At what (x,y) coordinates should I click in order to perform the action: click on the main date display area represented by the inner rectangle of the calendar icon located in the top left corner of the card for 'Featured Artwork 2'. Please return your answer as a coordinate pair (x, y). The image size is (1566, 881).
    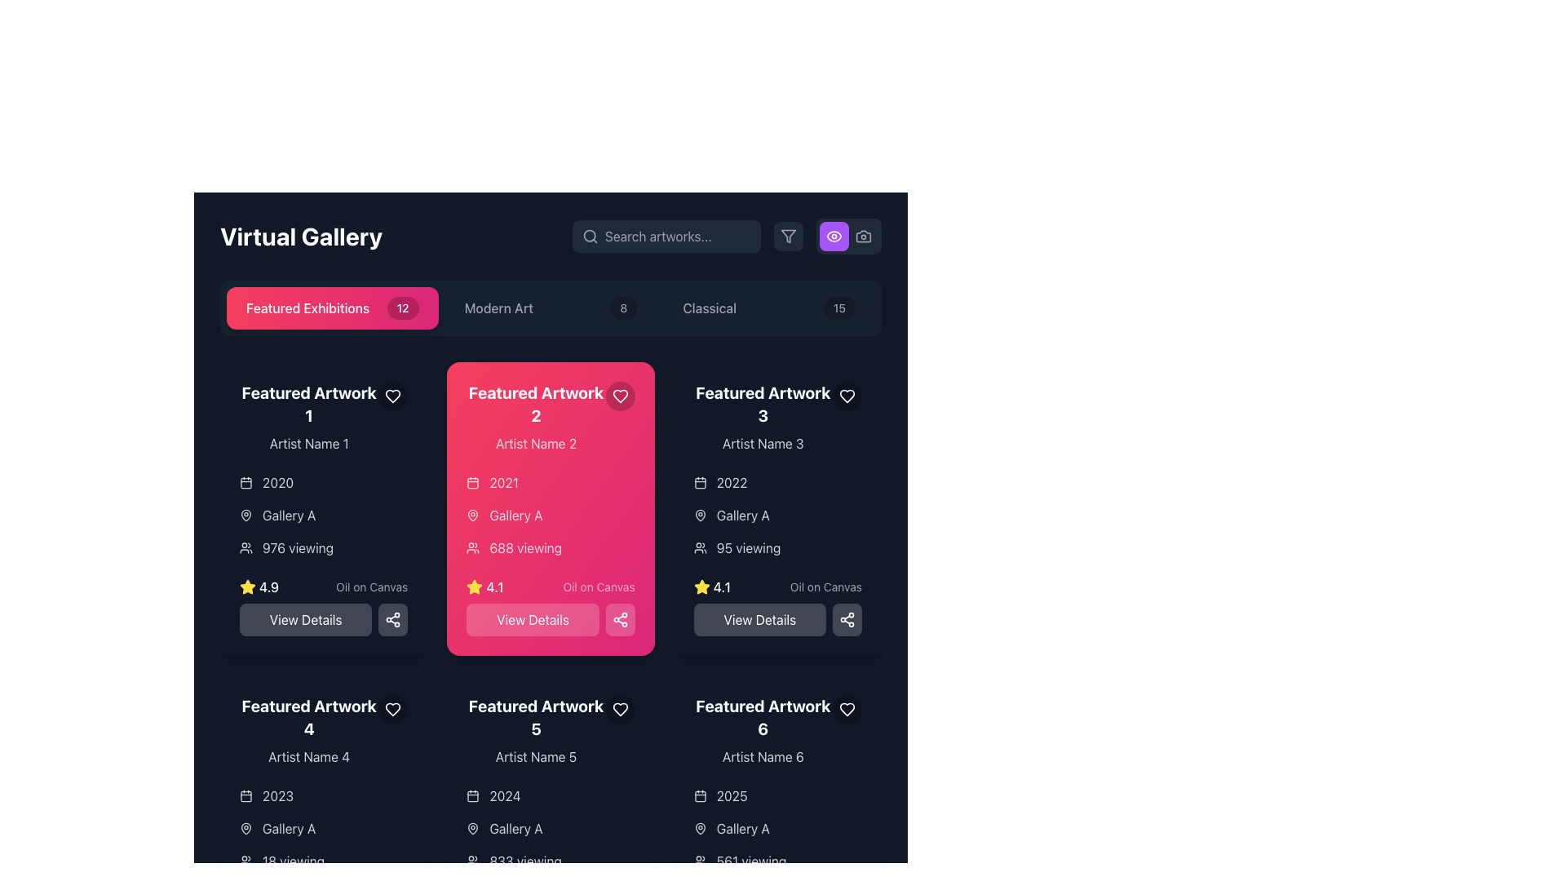
    Looking at the image, I should click on (700, 482).